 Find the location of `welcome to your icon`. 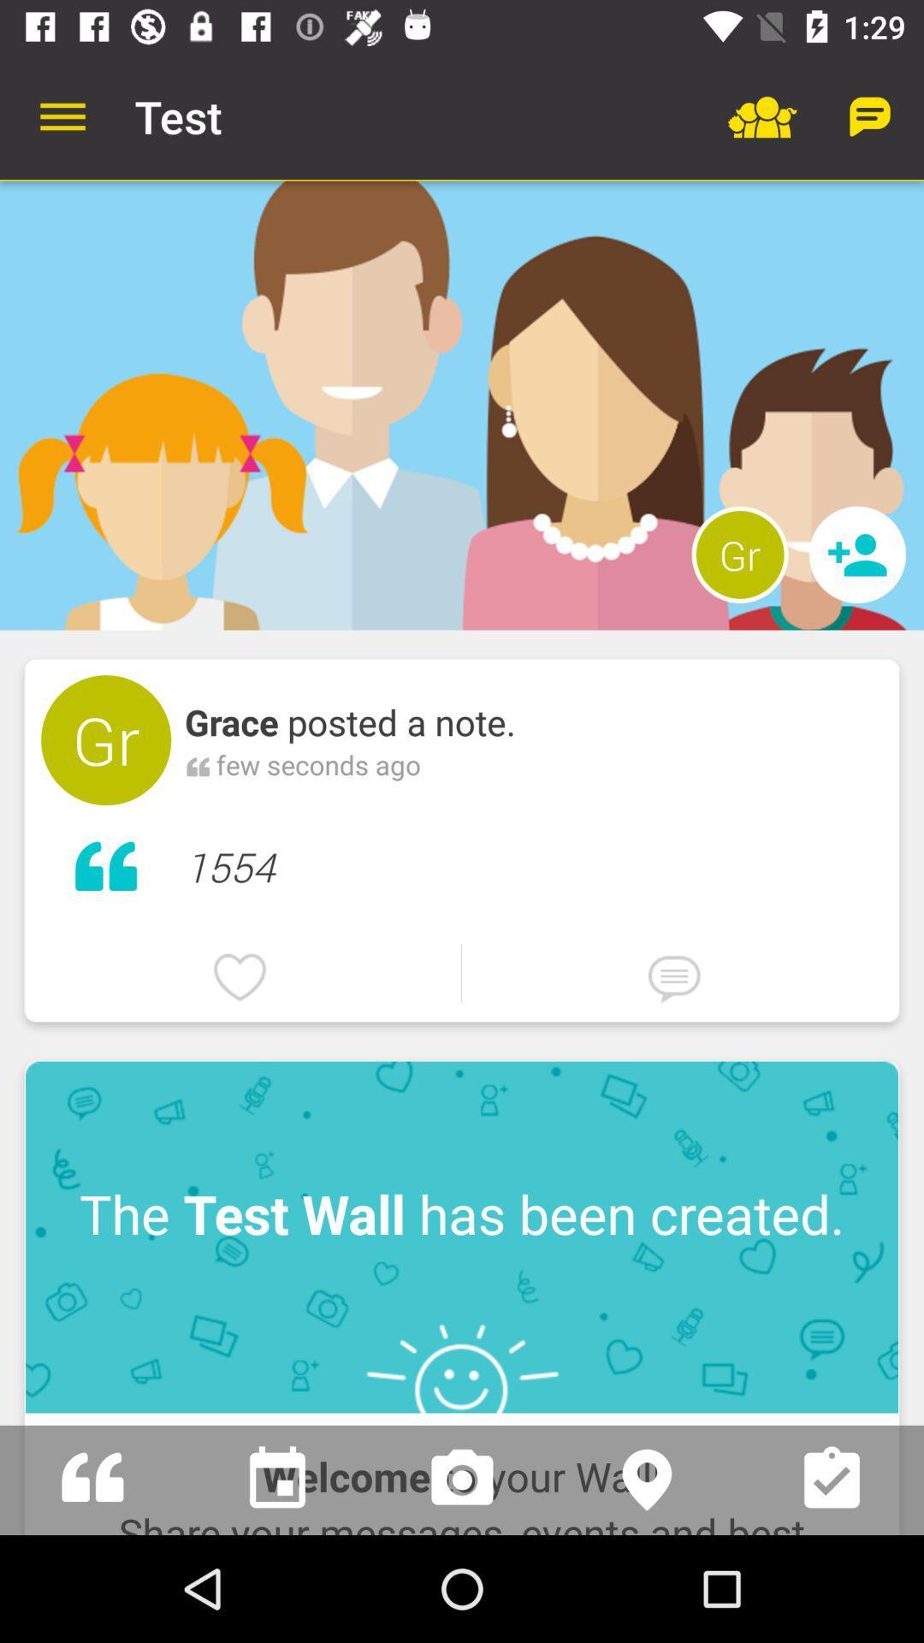

welcome to your icon is located at coordinates (462, 1473).